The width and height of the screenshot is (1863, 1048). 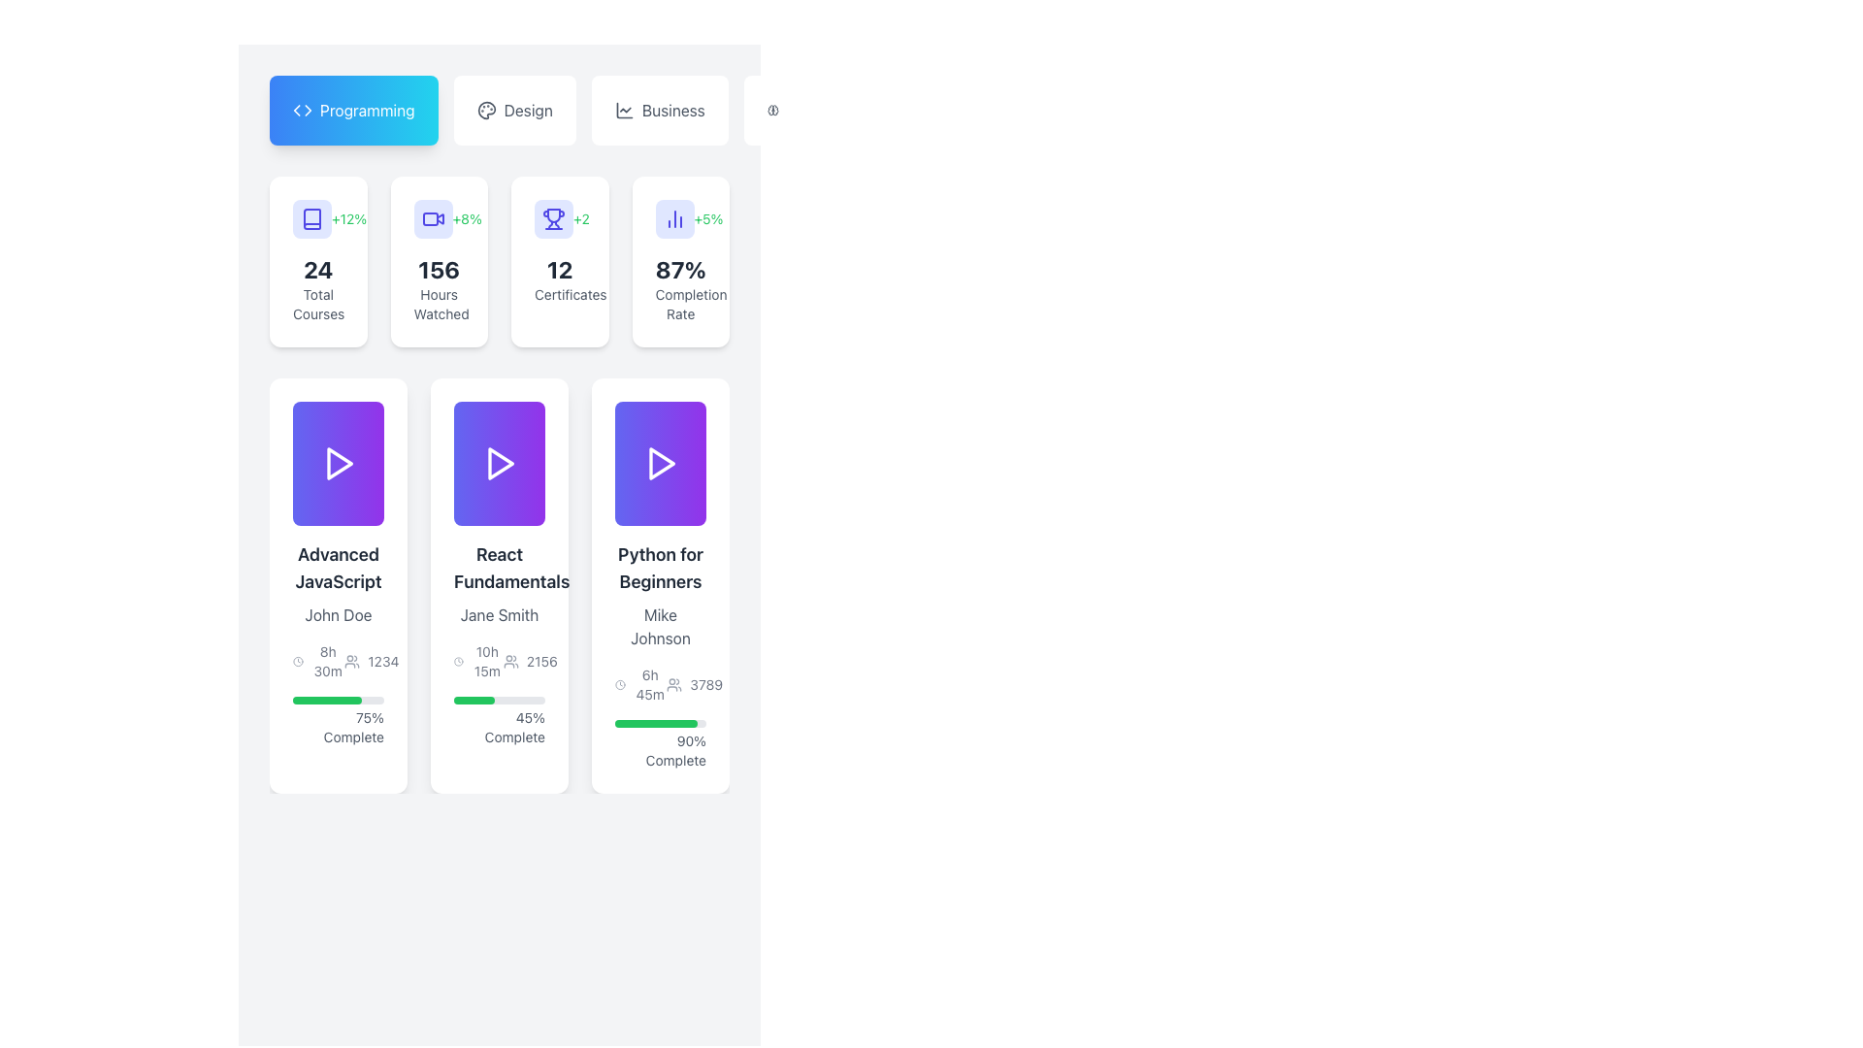 What do you see at coordinates (499, 568) in the screenshot?
I see `the text label displaying 'React Fundamentals' which is centrally aligned in a card with rounded corners and a white background` at bounding box center [499, 568].